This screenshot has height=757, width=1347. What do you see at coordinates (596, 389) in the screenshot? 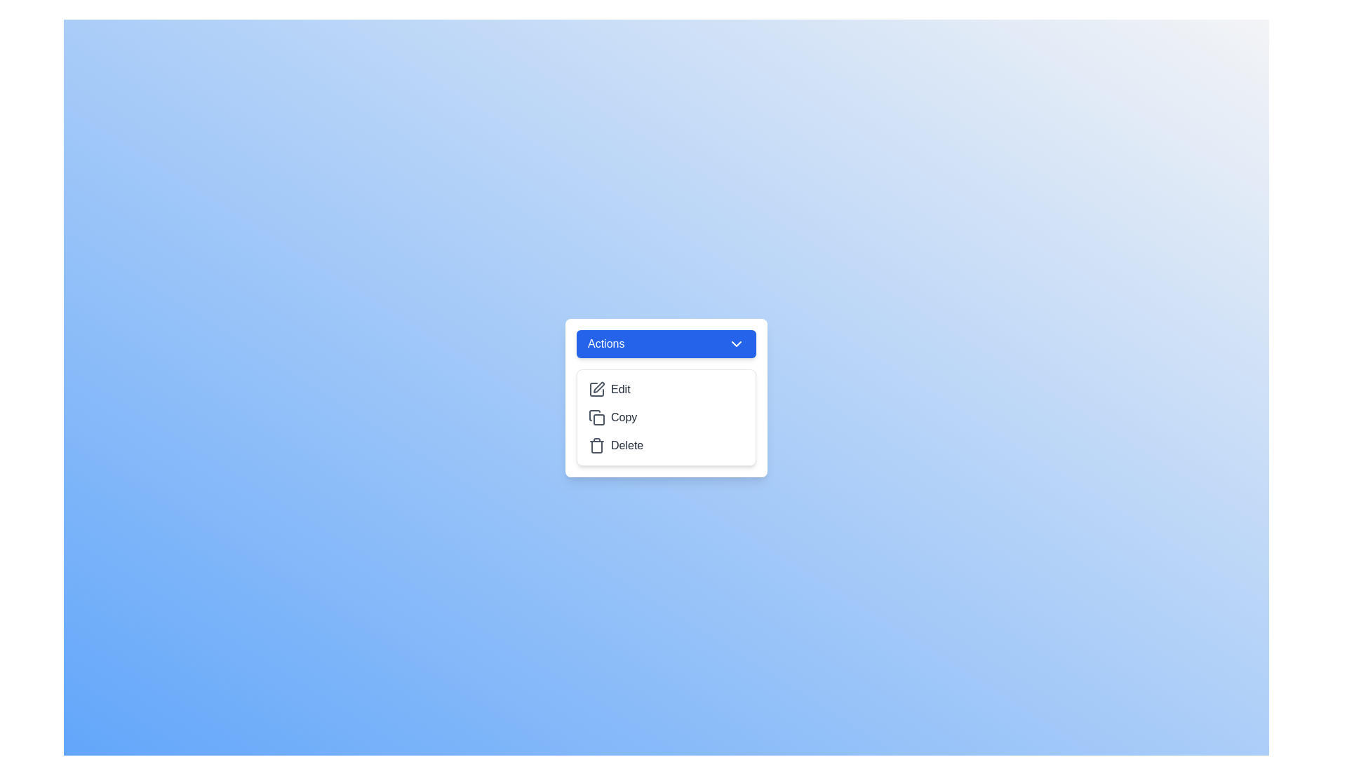
I see `the 'Edit' icon located on the left side of the 'Edit' option in the dropdown menu under the 'Actions' button` at bounding box center [596, 389].